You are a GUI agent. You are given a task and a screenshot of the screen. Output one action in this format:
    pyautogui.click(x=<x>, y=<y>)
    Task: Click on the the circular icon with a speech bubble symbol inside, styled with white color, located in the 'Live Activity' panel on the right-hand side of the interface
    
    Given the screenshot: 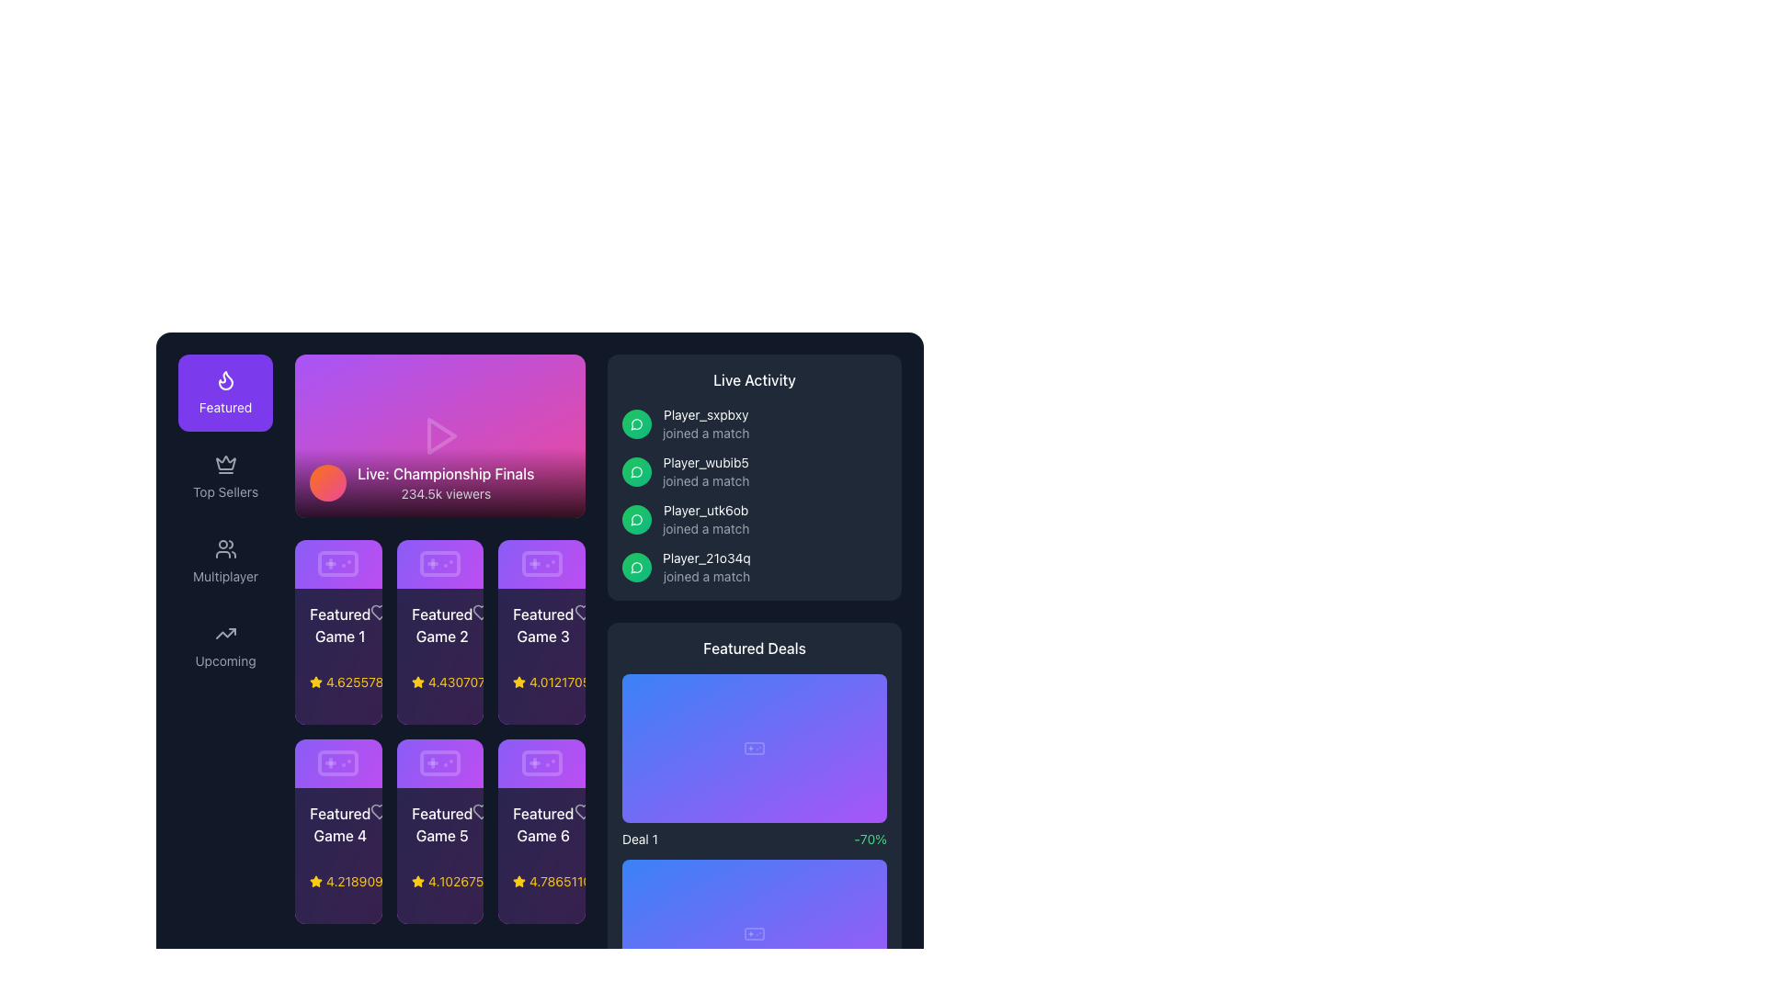 What is the action you would take?
    pyautogui.click(x=636, y=424)
    